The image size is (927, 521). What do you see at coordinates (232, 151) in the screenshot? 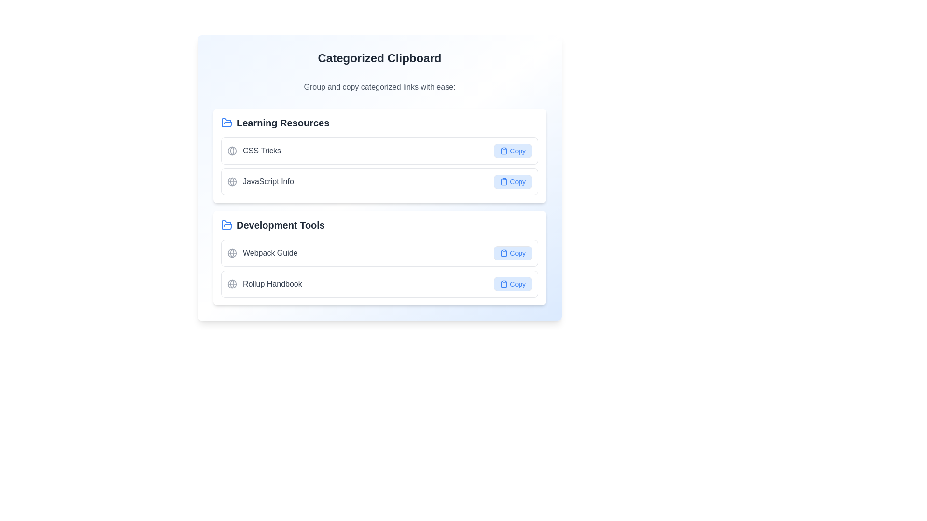
I see `the SVG circle element representing a globe icon located to the left of the 'CSS Tricks' text label in the 'Learning Resources' section` at bounding box center [232, 151].